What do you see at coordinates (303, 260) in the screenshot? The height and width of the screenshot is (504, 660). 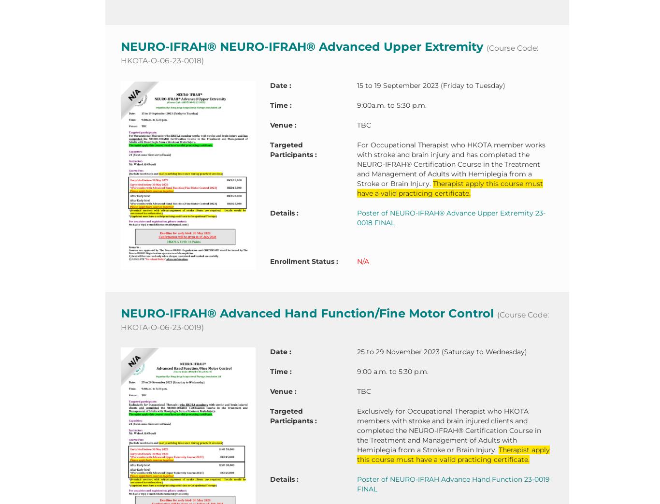 I see `'Enrollment Status :'` at bounding box center [303, 260].